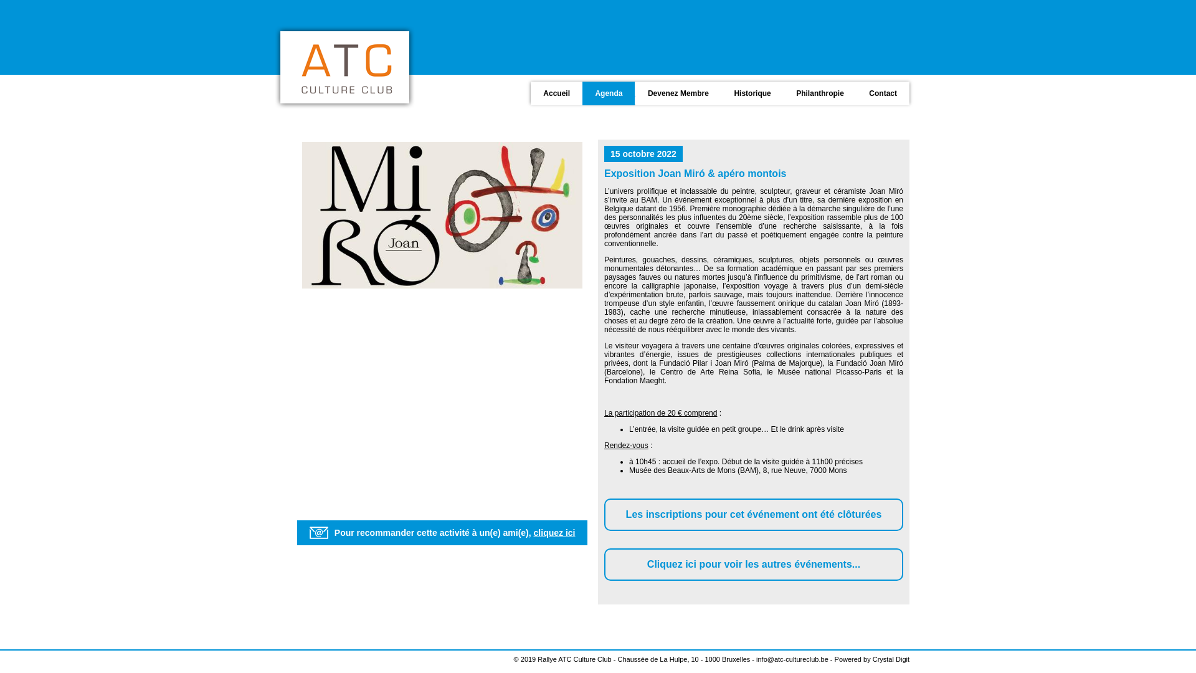  I want to click on 'info@atc-cultureclub.be', so click(792, 658).